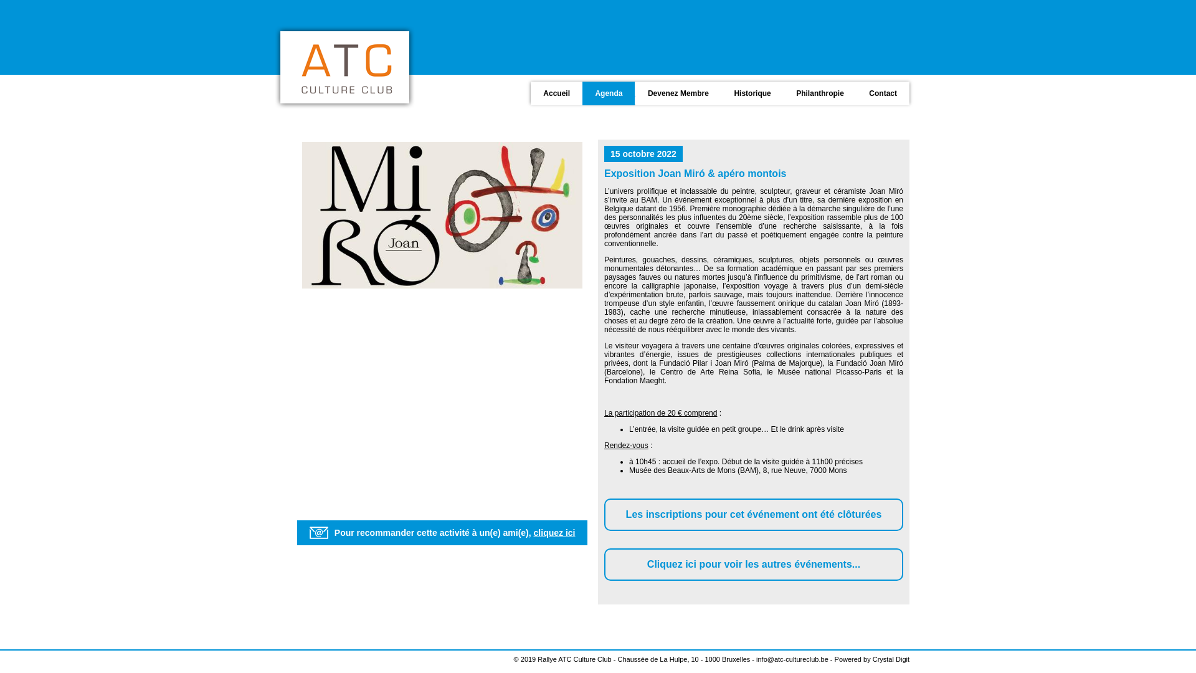  I want to click on 'info@atc-cultureclub.be', so click(792, 658).